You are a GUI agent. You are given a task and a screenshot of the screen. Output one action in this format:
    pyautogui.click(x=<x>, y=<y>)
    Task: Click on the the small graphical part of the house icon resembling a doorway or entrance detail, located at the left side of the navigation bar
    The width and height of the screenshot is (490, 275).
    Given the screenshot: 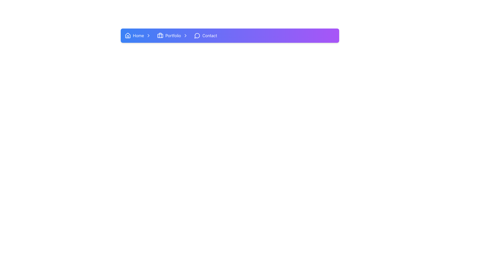 What is the action you would take?
    pyautogui.click(x=128, y=36)
    